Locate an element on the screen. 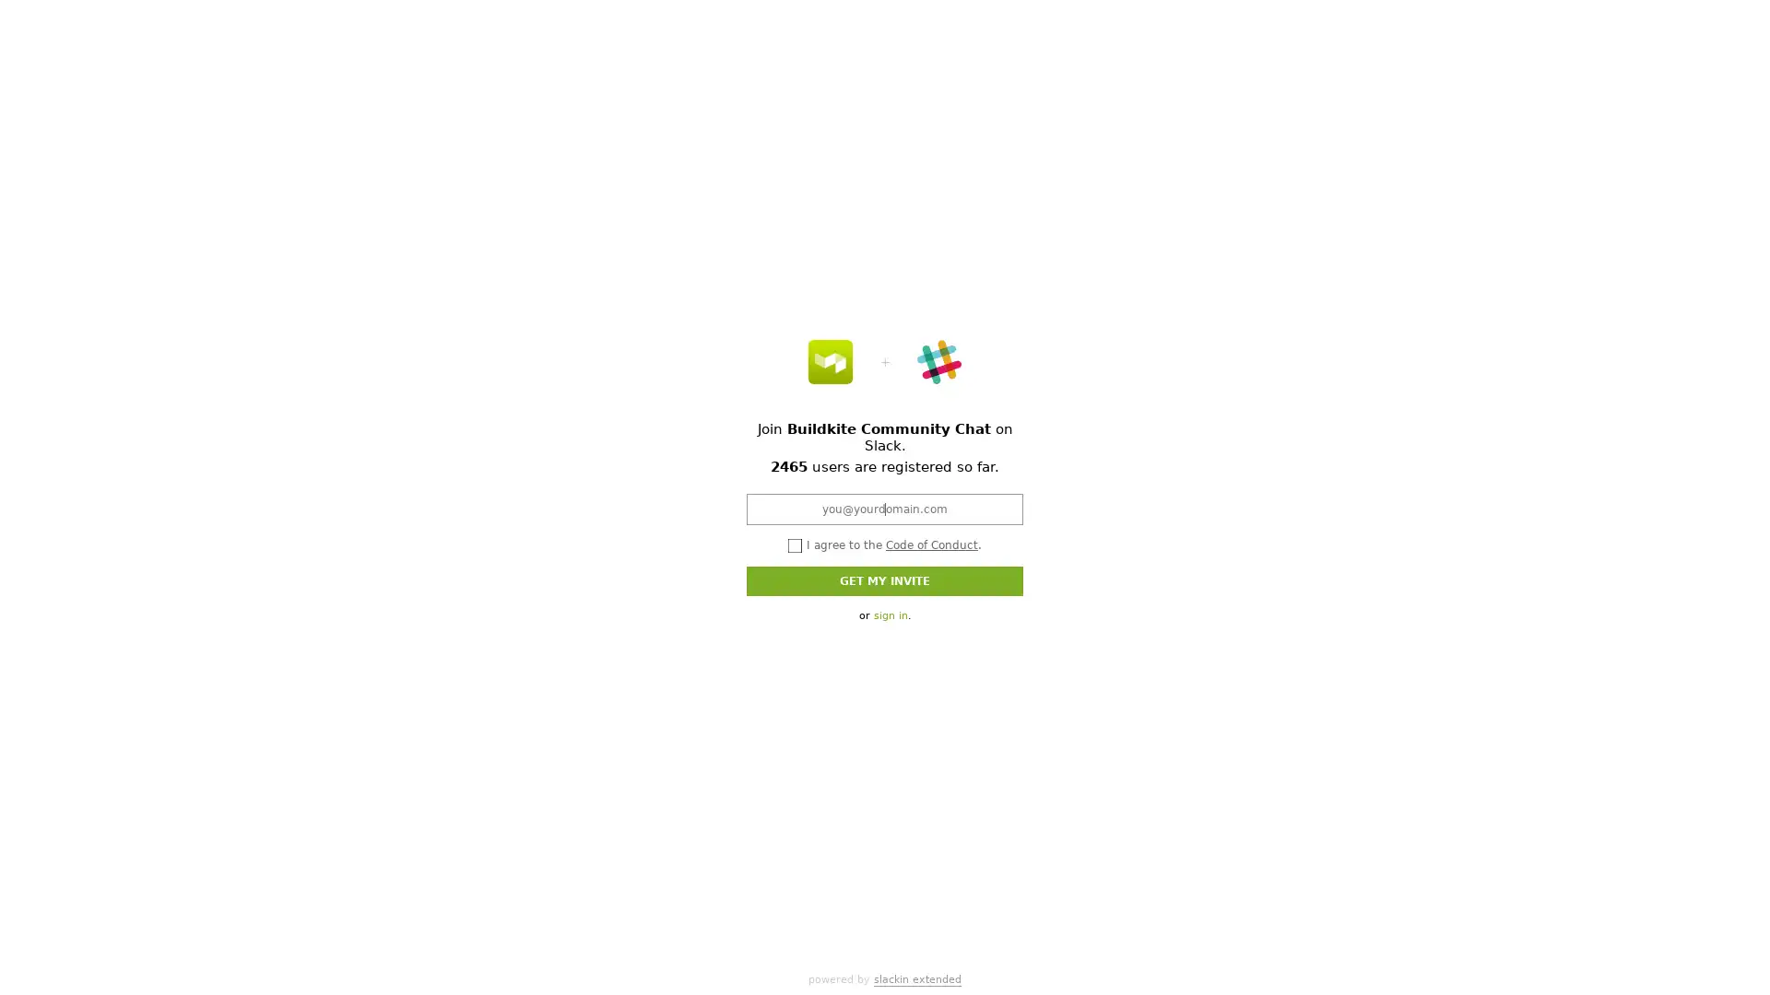 This screenshot has width=1770, height=995. GET MY INVITE is located at coordinates (885, 579).